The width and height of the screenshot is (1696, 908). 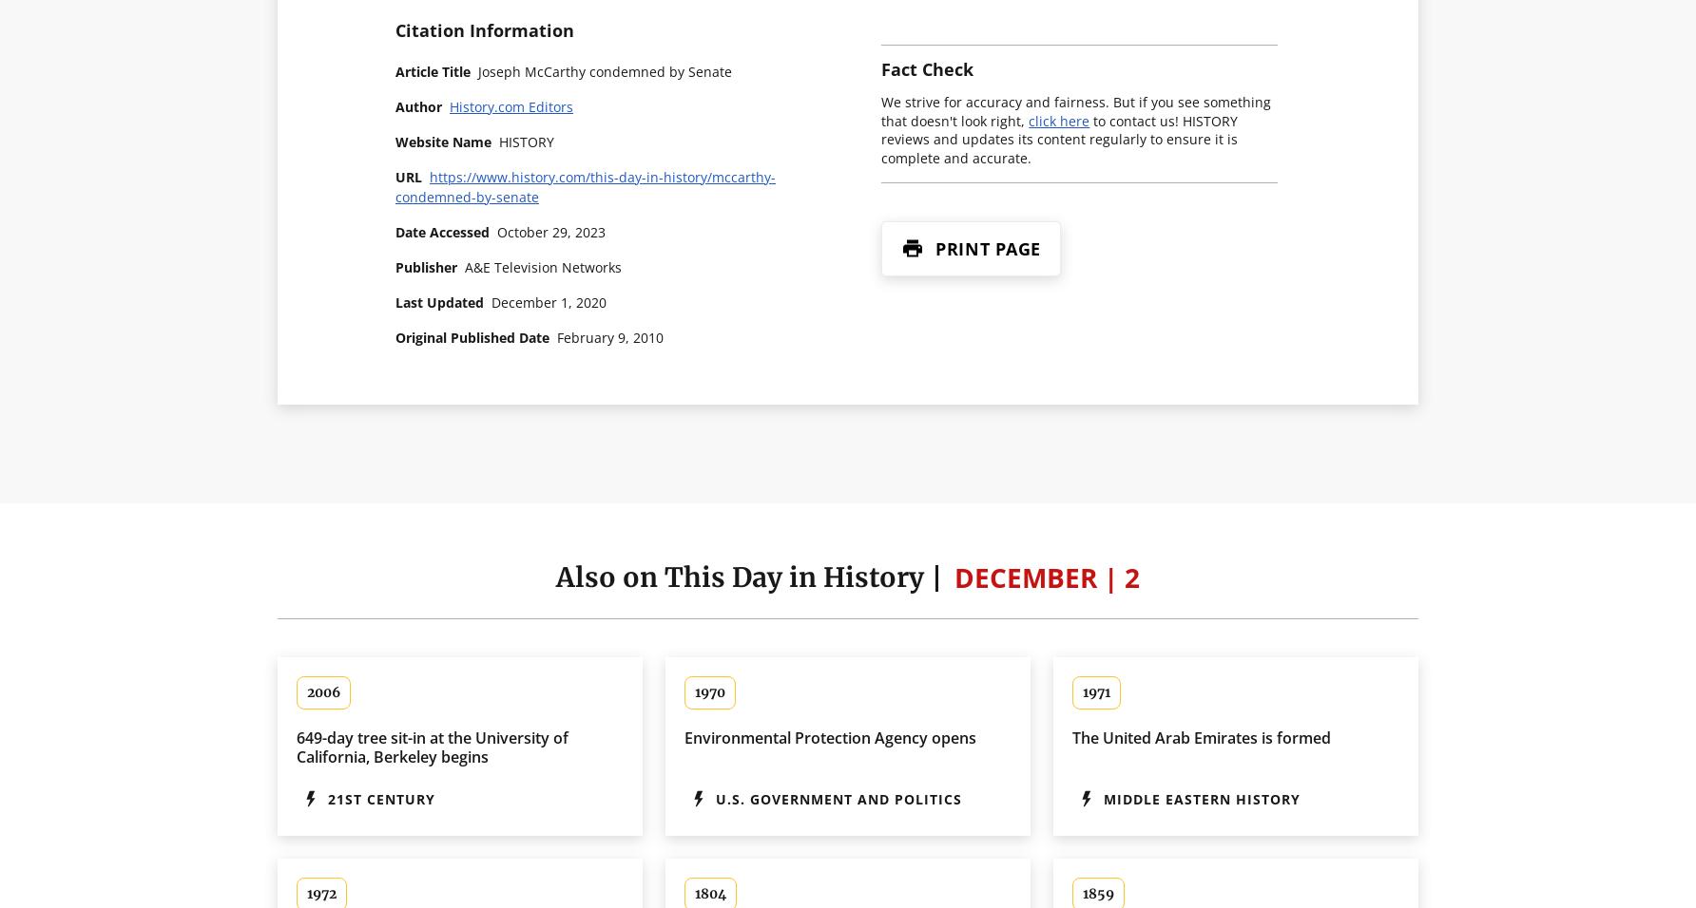 What do you see at coordinates (395, 301) in the screenshot?
I see `'Last Updated'` at bounding box center [395, 301].